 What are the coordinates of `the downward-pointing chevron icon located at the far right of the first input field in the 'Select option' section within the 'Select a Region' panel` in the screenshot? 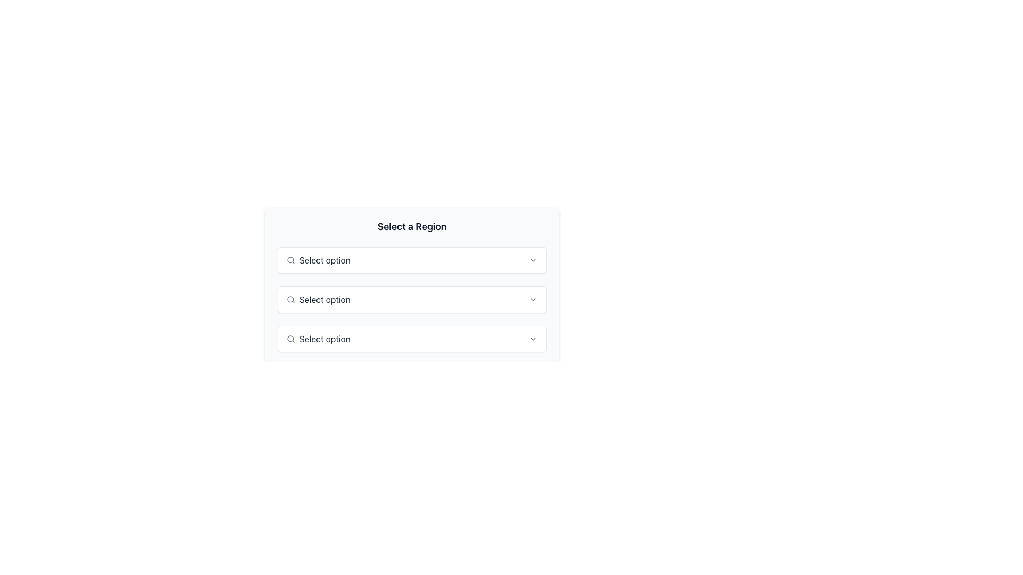 It's located at (533, 260).